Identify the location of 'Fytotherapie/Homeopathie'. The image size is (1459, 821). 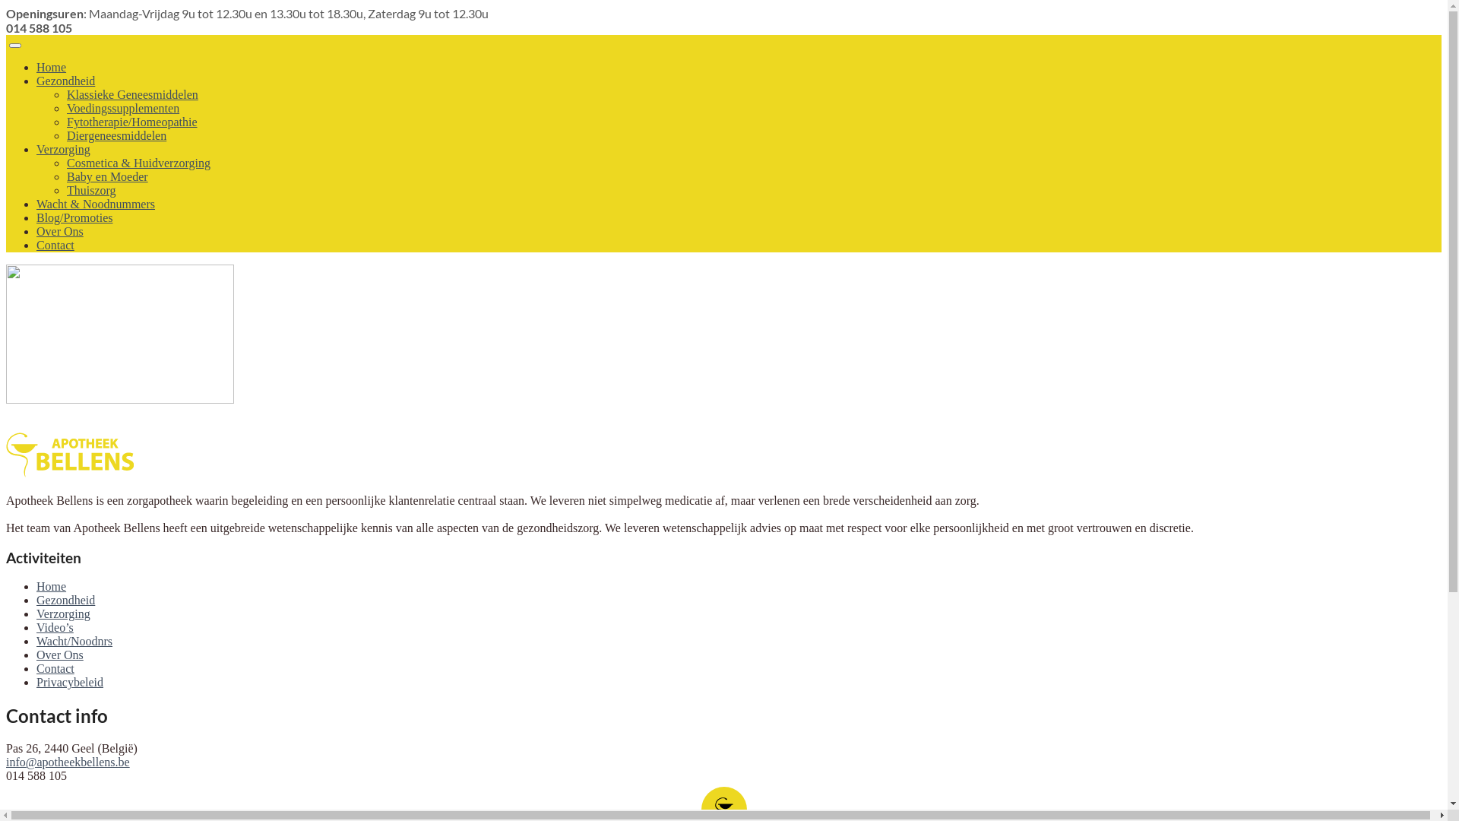
(131, 121).